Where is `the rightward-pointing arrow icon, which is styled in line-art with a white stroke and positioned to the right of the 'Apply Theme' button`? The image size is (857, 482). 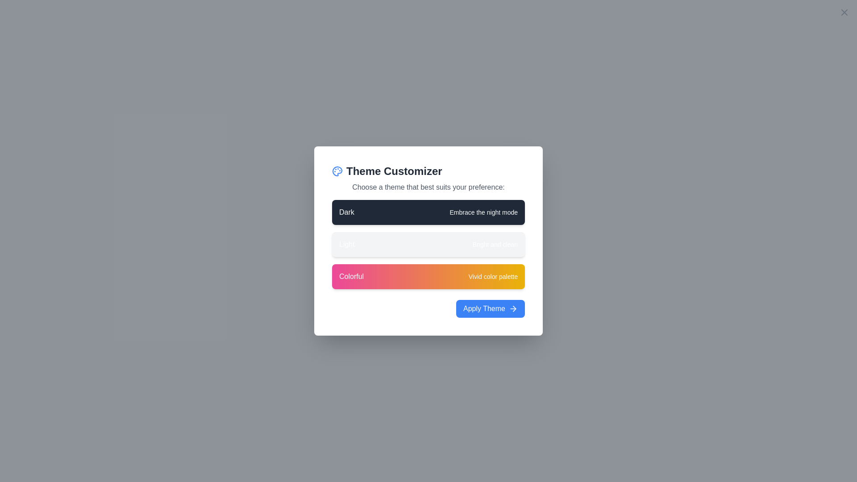 the rightward-pointing arrow icon, which is styled in line-art with a white stroke and positioned to the right of the 'Apply Theme' button is located at coordinates (513, 308).